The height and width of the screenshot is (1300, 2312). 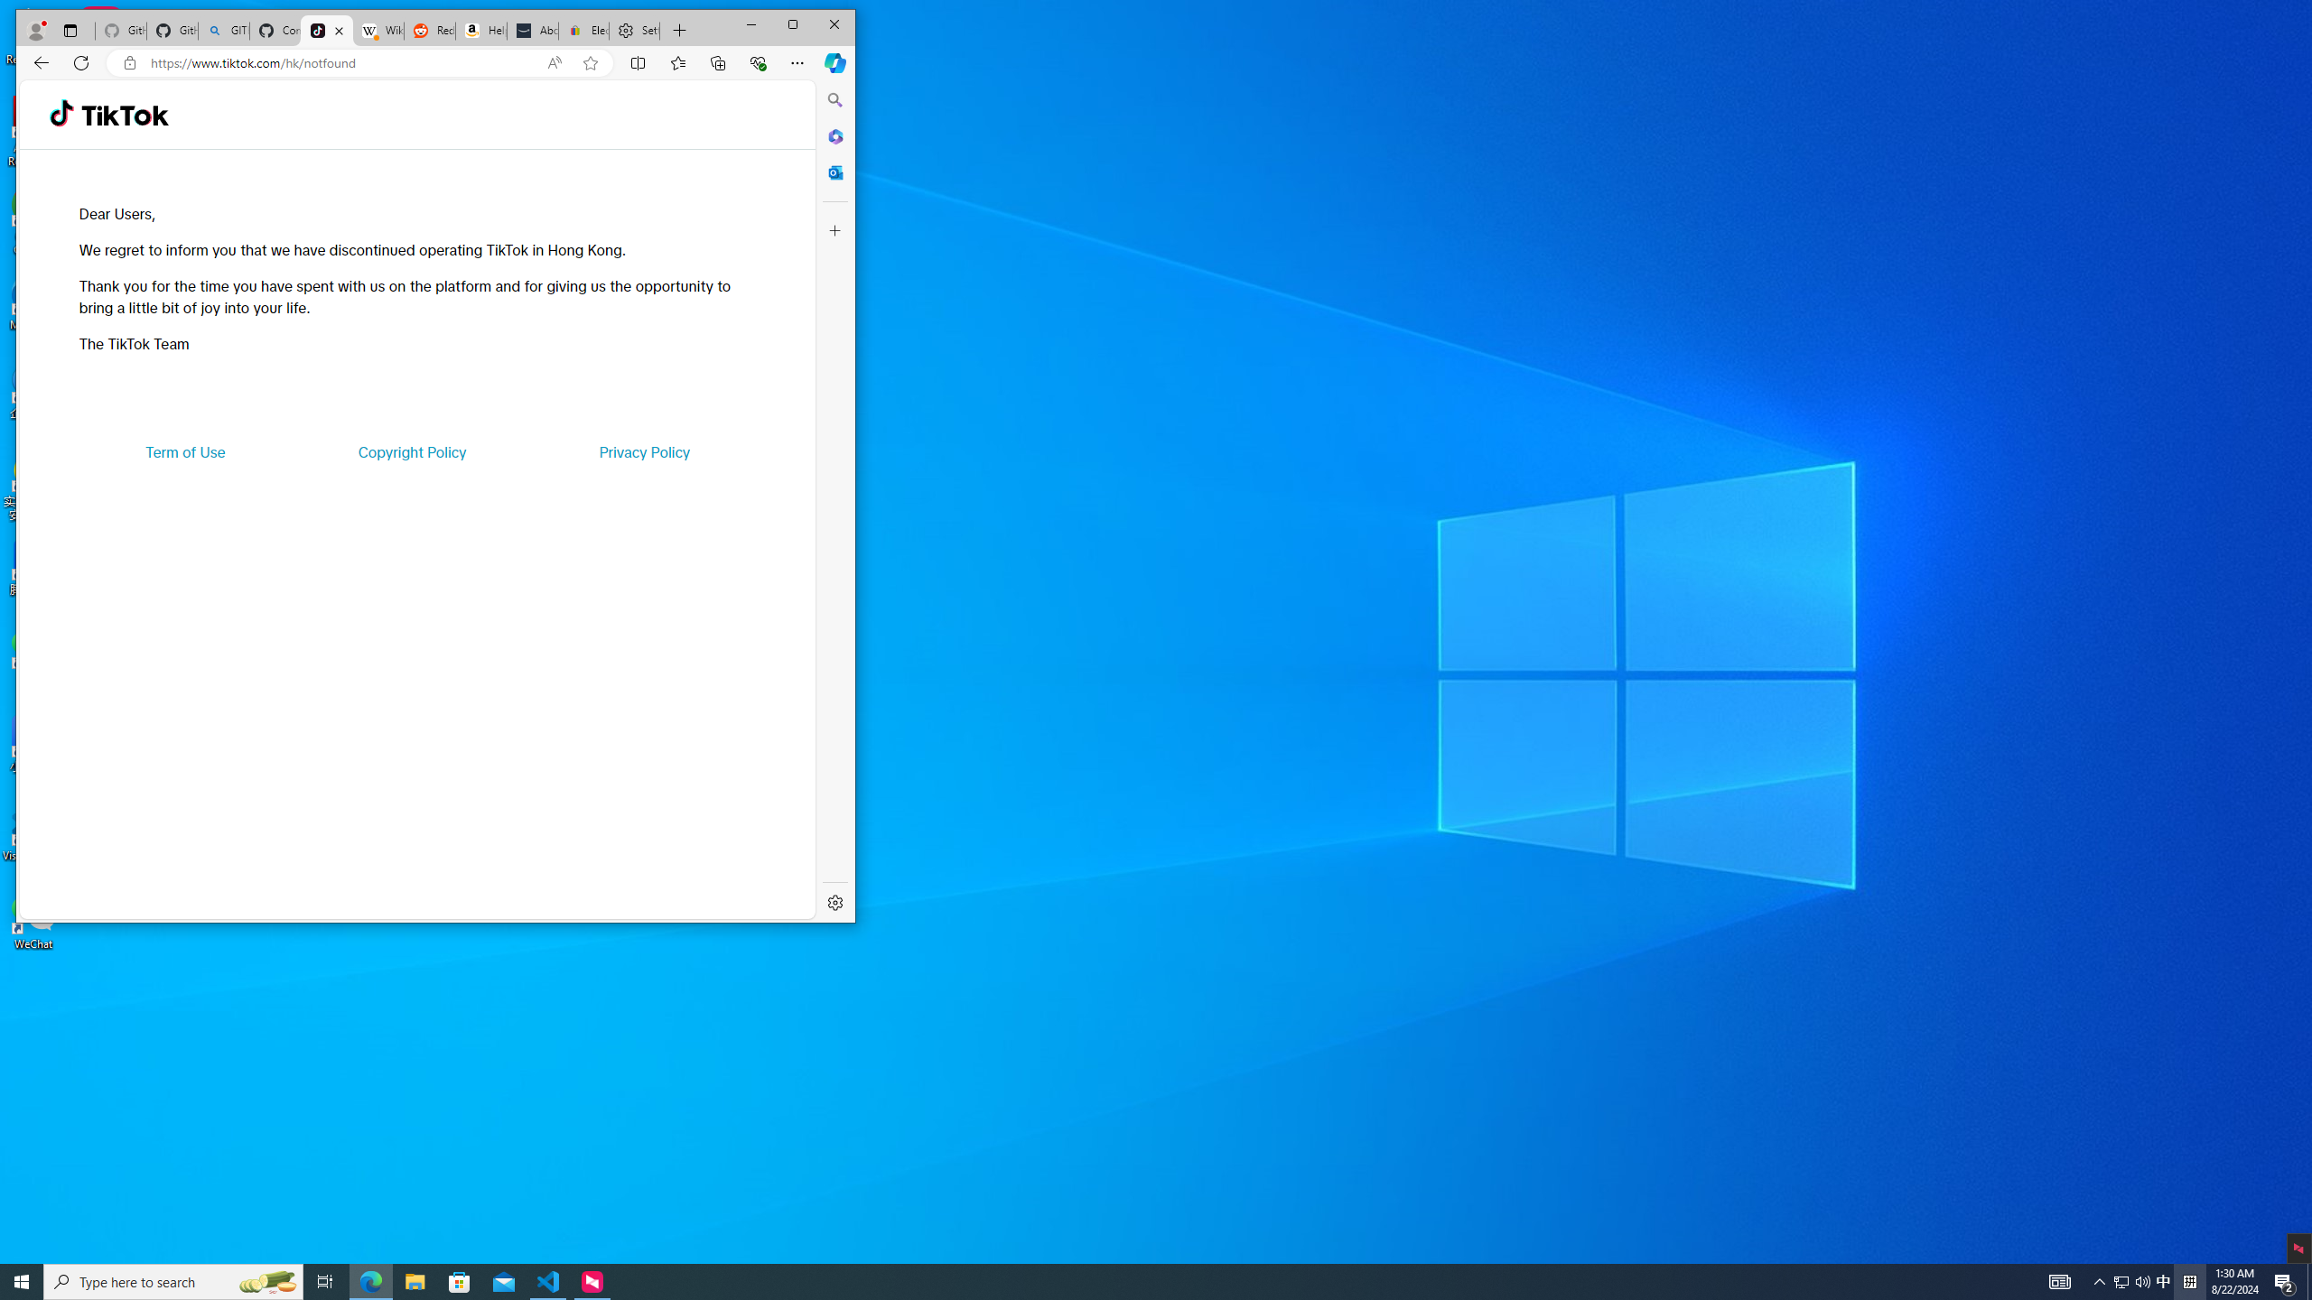 What do you see at coordinates (2142, 1280) in the screenshot?
I see `'Q2790: 100%'` at bounding box center [2142, 1280].